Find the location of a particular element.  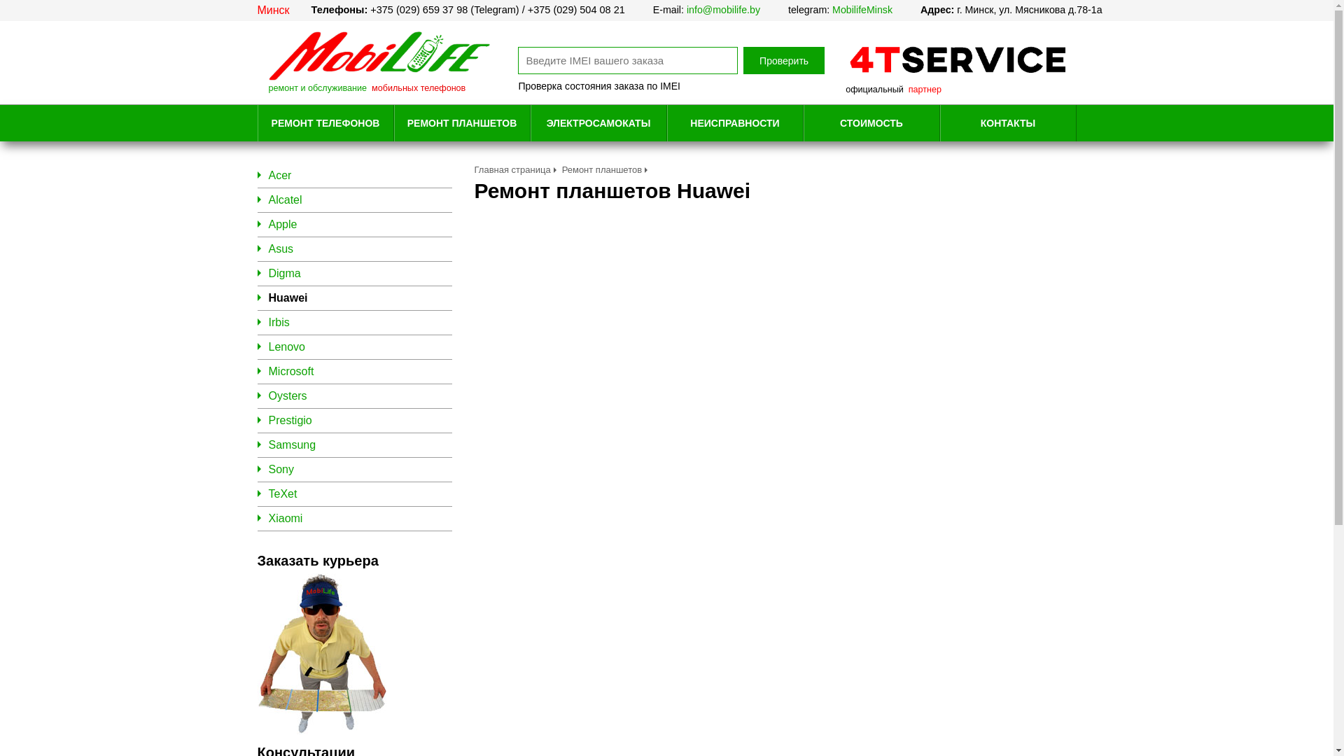

'Digma' is located at coordinates (284, 273).